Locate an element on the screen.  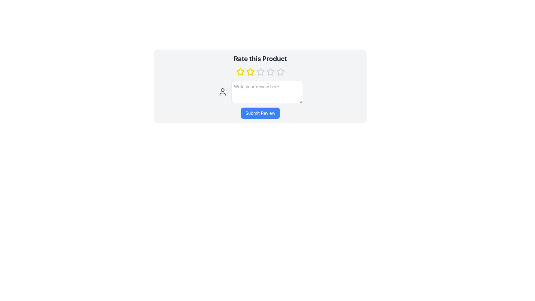
the fourth rating star in the horizontal line of five stars is located at coordinates (280, 71).